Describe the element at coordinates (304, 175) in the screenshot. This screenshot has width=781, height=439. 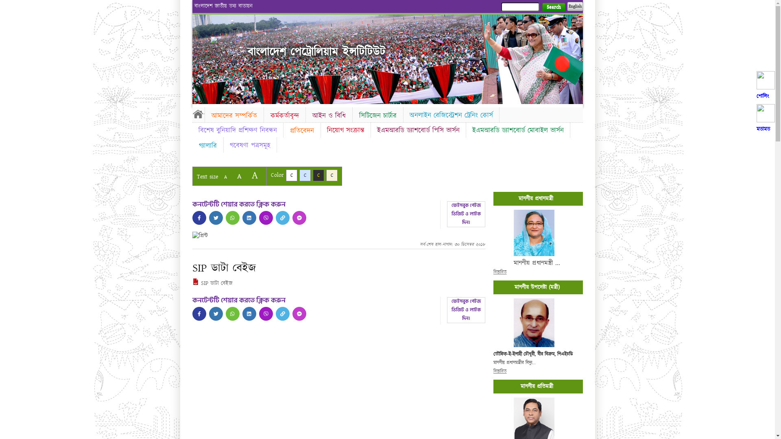
I see `'C'` at that location.